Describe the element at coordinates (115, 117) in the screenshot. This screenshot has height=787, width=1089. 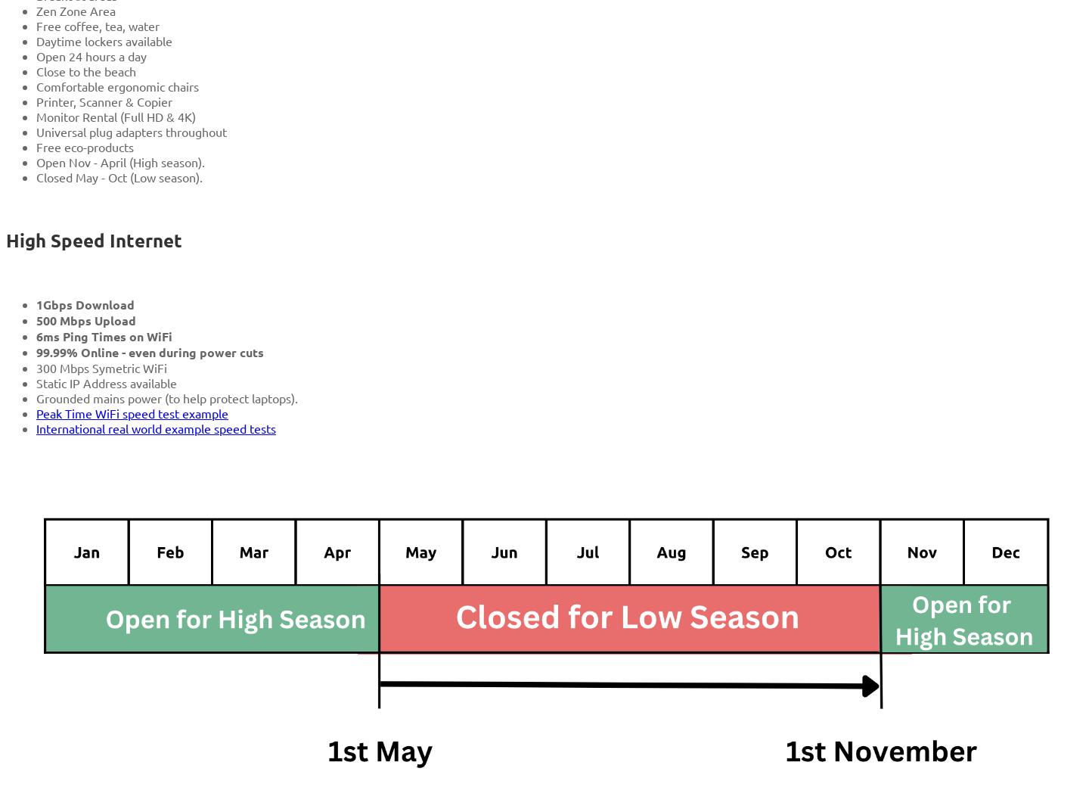
I see `'Monitor Rental (Full HD & 4K)'` at that location.